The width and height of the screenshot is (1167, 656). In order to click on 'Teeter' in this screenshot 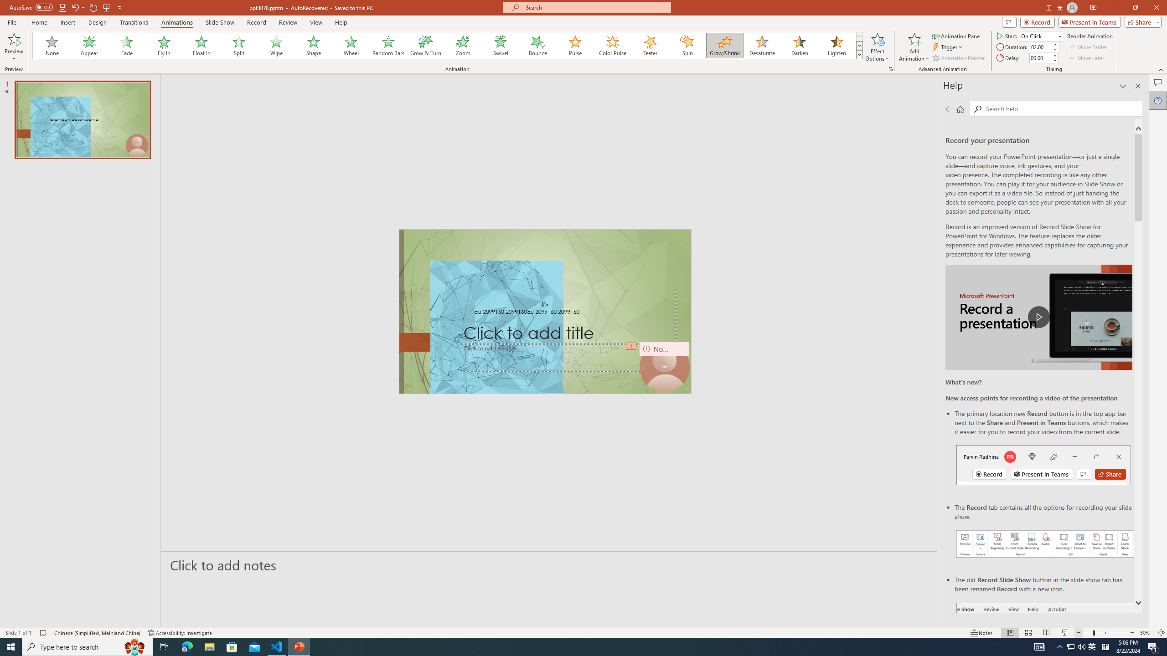, I will do `click(649, 45)`.